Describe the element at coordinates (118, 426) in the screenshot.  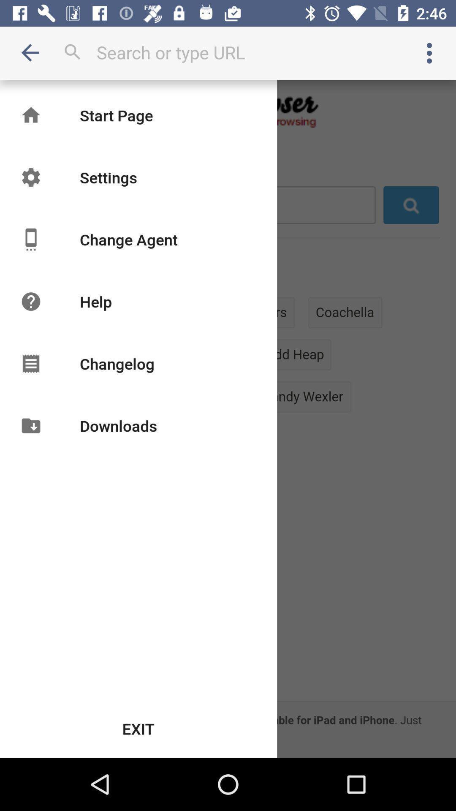
I see `the downloads item` at that location.